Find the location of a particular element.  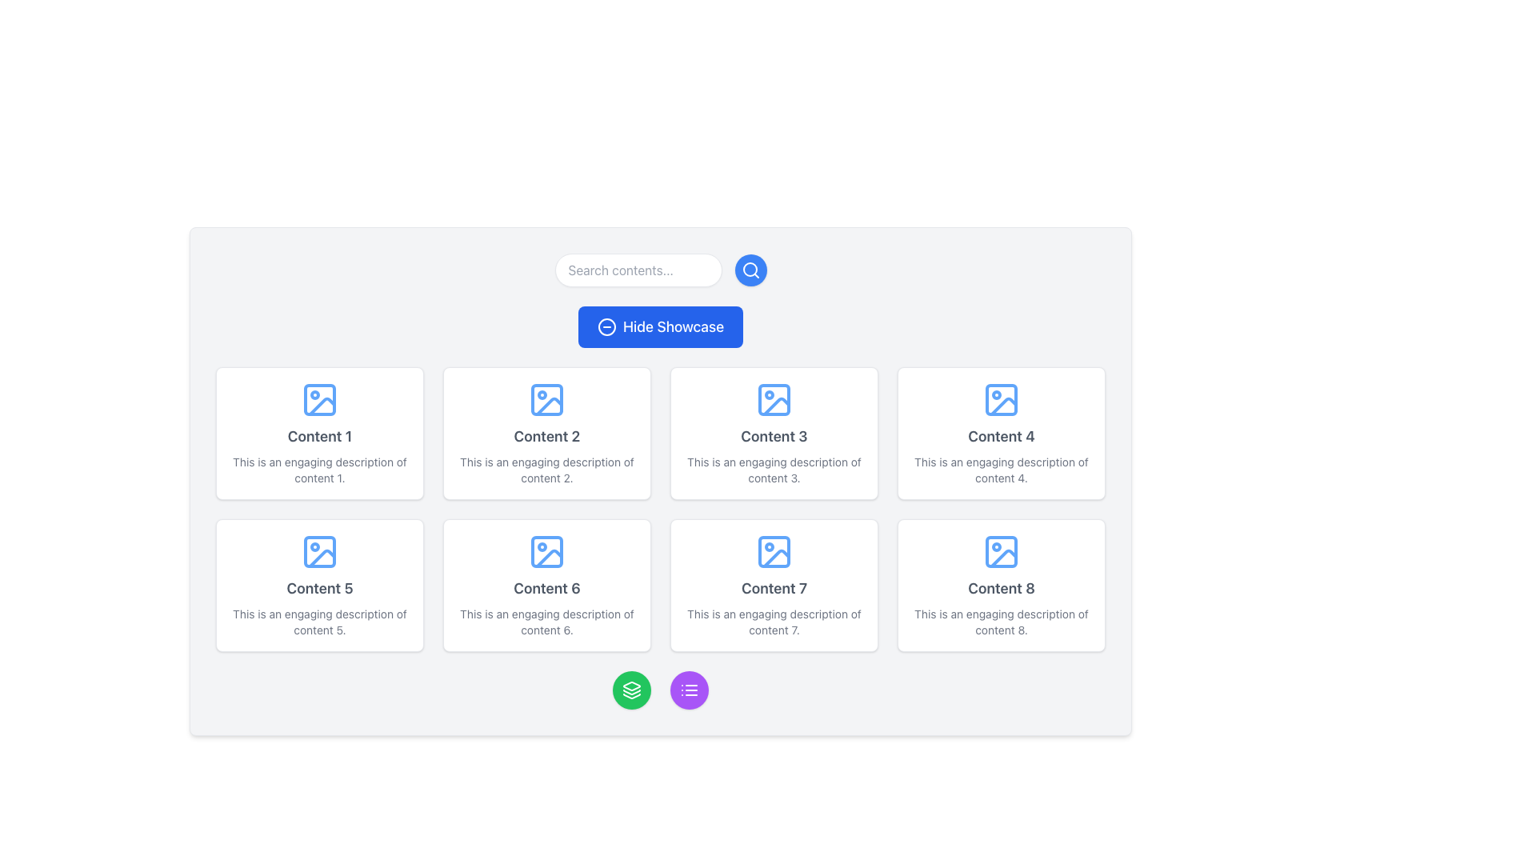

the decorative rounded rectangle element in the SVG graphic associated with 'Content 2' is located at coordinates (547, 399).